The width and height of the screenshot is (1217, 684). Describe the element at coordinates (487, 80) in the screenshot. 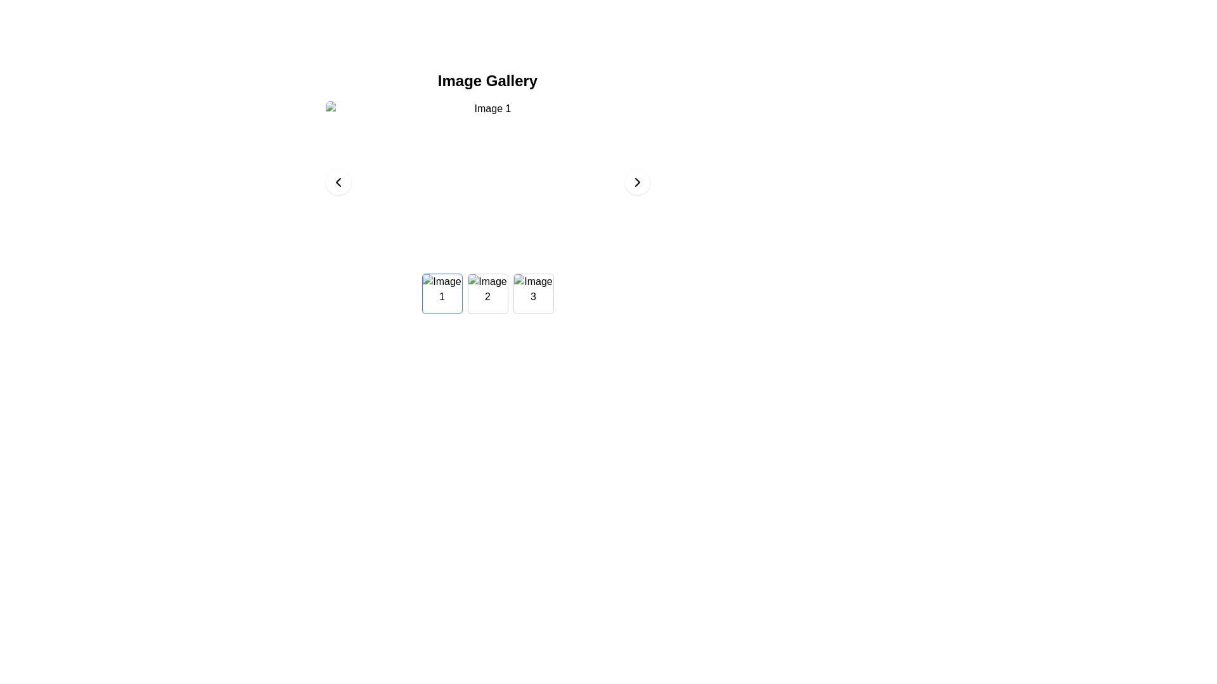

I see `the text header displaying 'Image Gallery', which is centrally aligned at the top of the section` at that location.